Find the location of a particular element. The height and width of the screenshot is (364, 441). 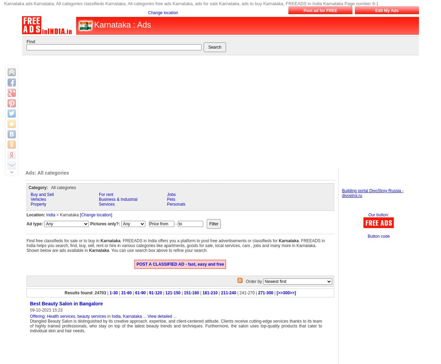

'Jobs' is located at coordinates (166, 194).